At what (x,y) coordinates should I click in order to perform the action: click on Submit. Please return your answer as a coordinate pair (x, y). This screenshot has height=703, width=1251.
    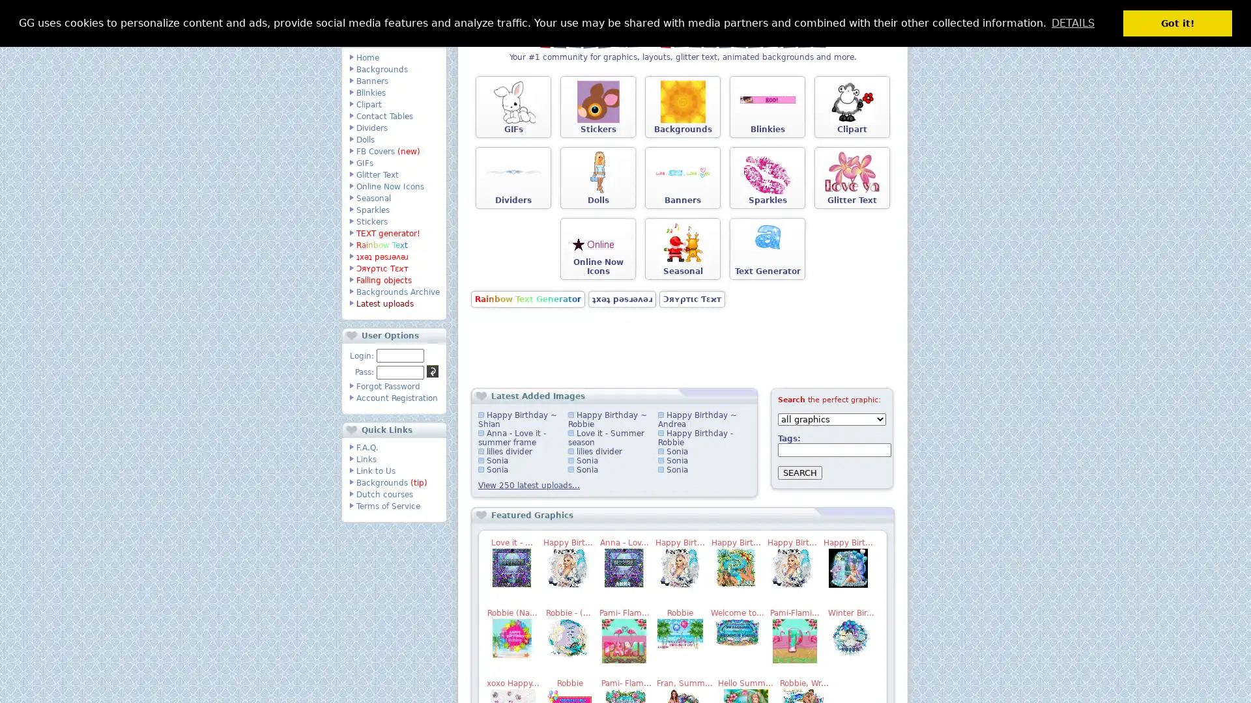
    Looking at the image, I should click on (432, 371).